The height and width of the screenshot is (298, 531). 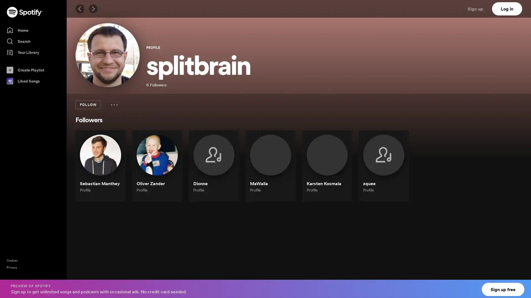 What do you see at coordinates (507, 9) in the screenshot?
I see `Log in` at bounding box center [507, 9].